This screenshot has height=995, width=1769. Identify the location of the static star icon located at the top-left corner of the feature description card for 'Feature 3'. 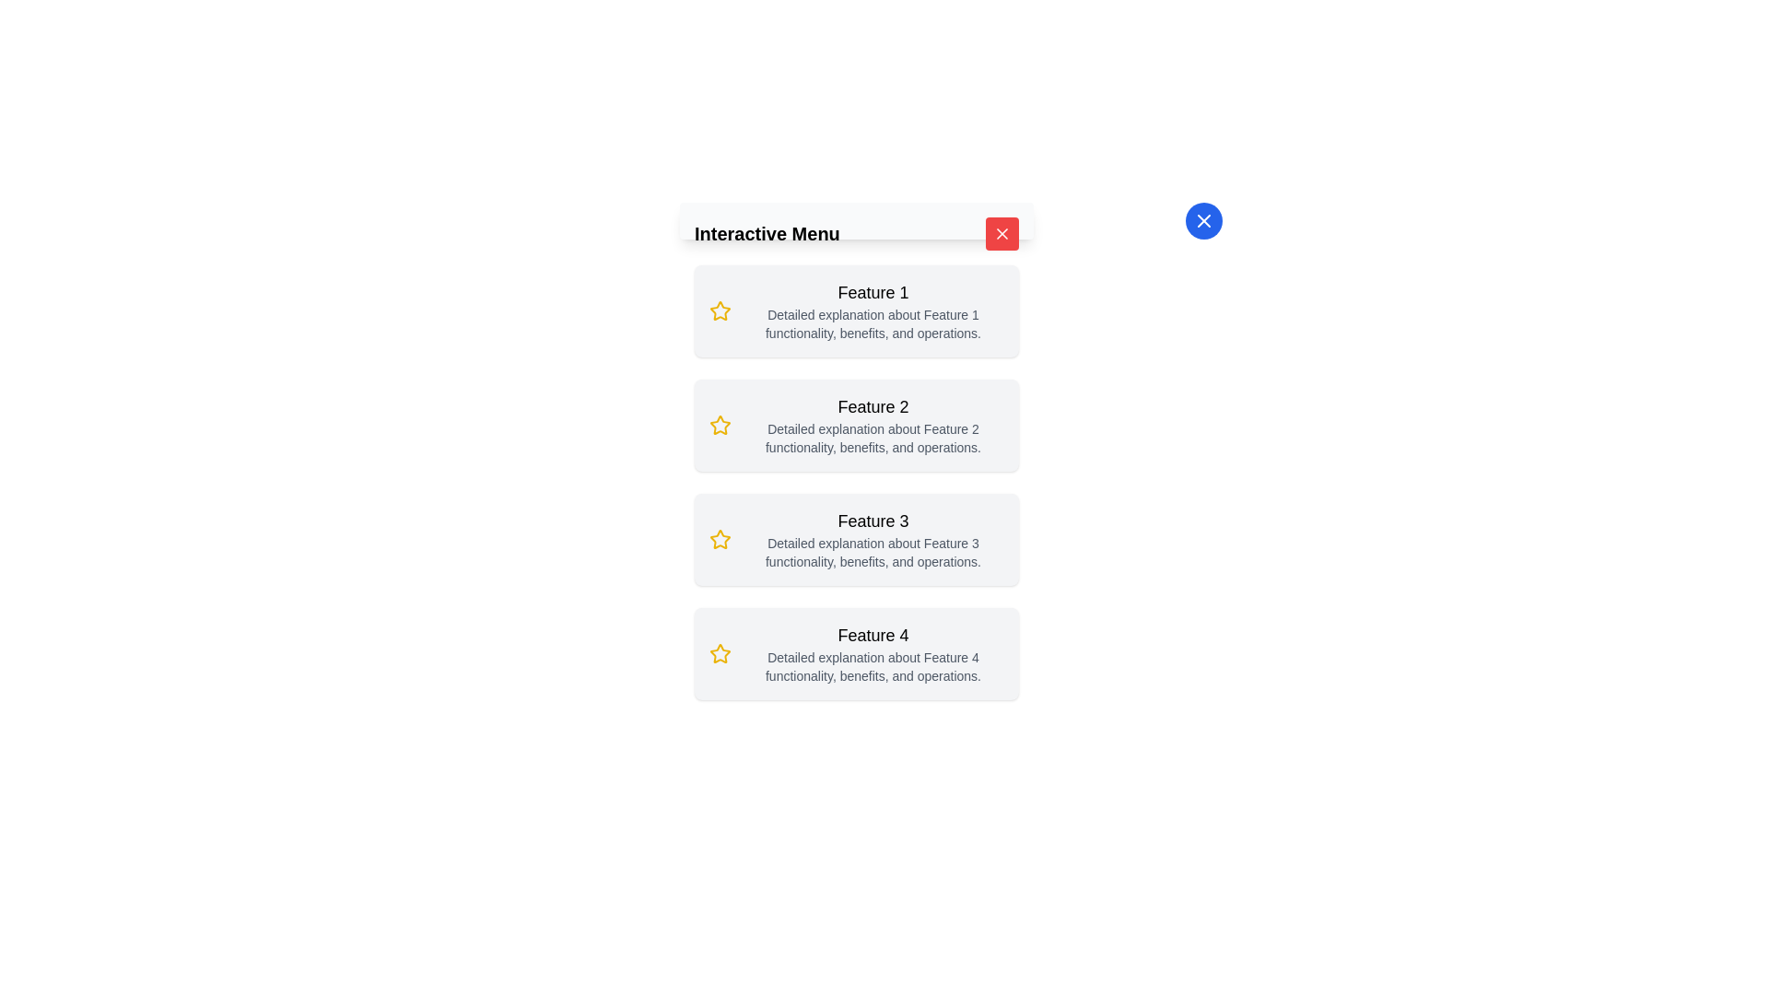
(720, 539).